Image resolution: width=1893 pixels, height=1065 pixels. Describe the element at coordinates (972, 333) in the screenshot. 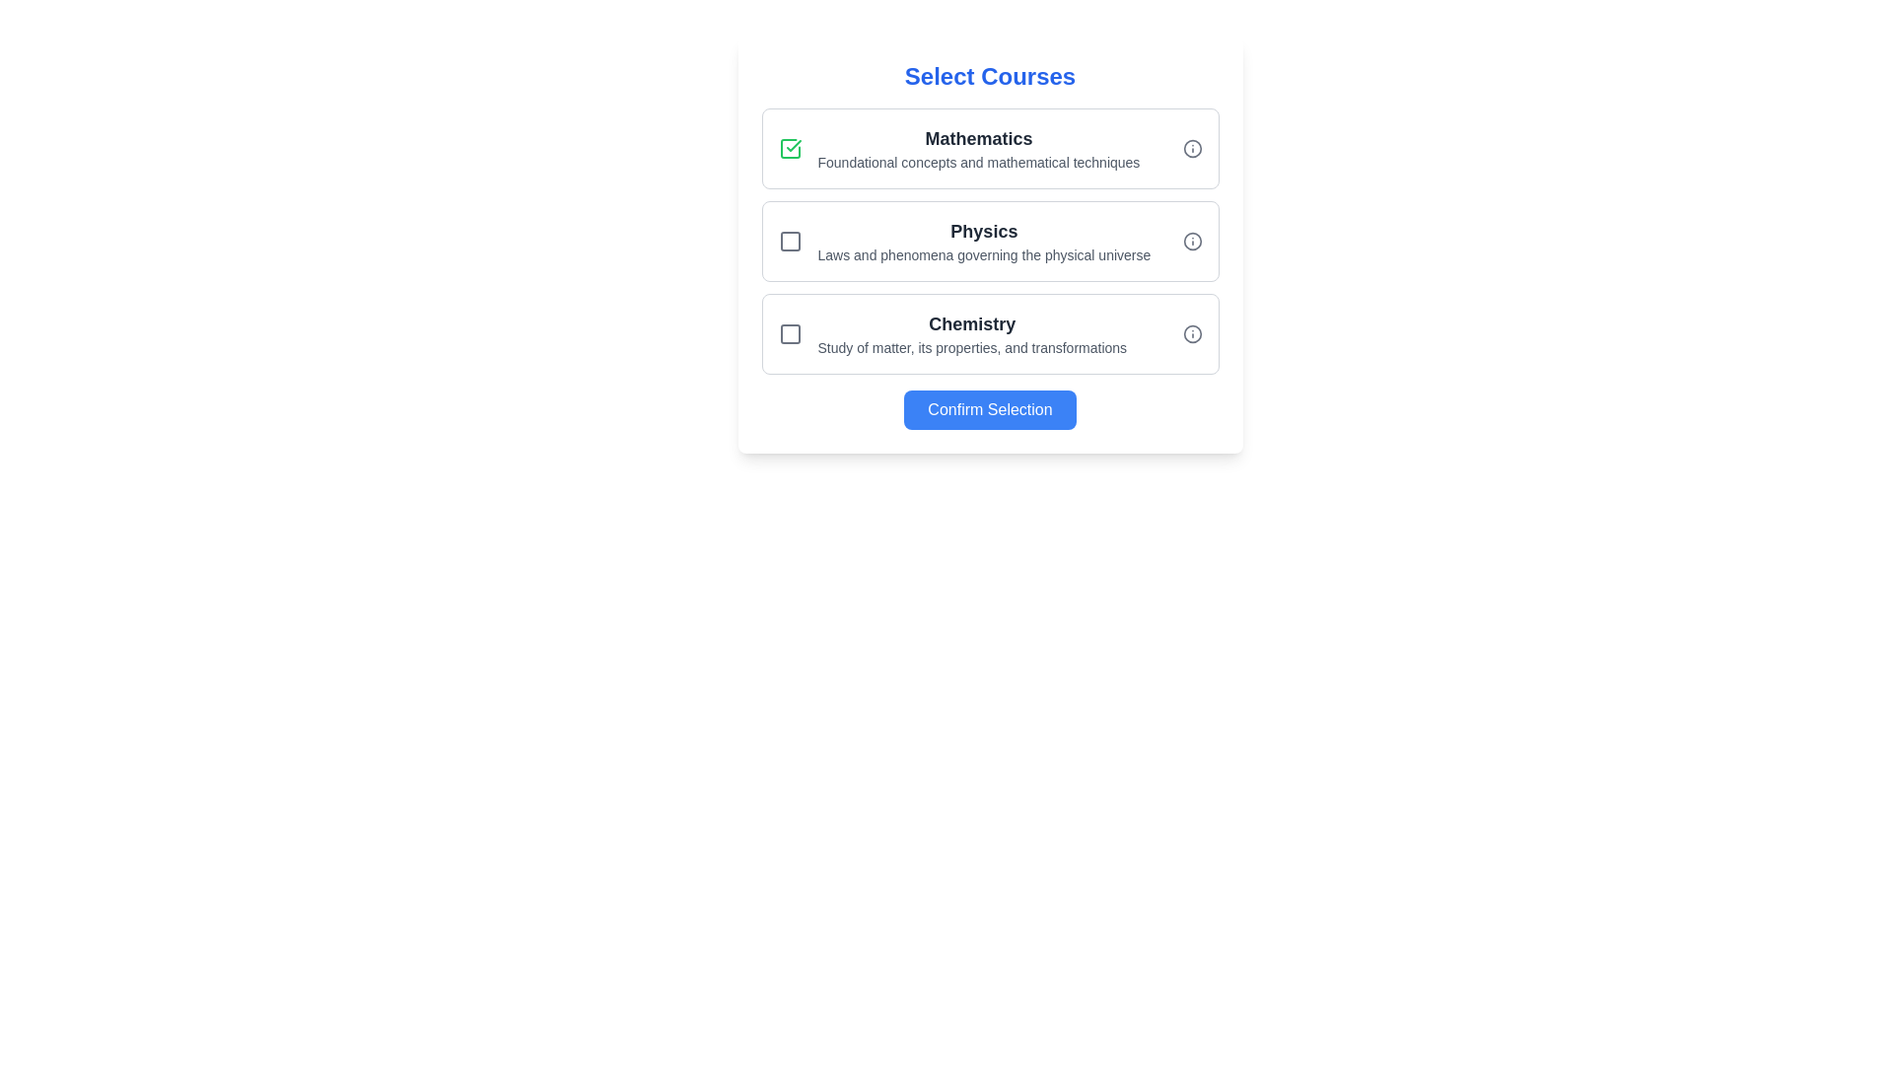

I see `the Text Label that provides the name and description of the 'Chemistry' course option, located between a checkbox and an information icon` at that location.